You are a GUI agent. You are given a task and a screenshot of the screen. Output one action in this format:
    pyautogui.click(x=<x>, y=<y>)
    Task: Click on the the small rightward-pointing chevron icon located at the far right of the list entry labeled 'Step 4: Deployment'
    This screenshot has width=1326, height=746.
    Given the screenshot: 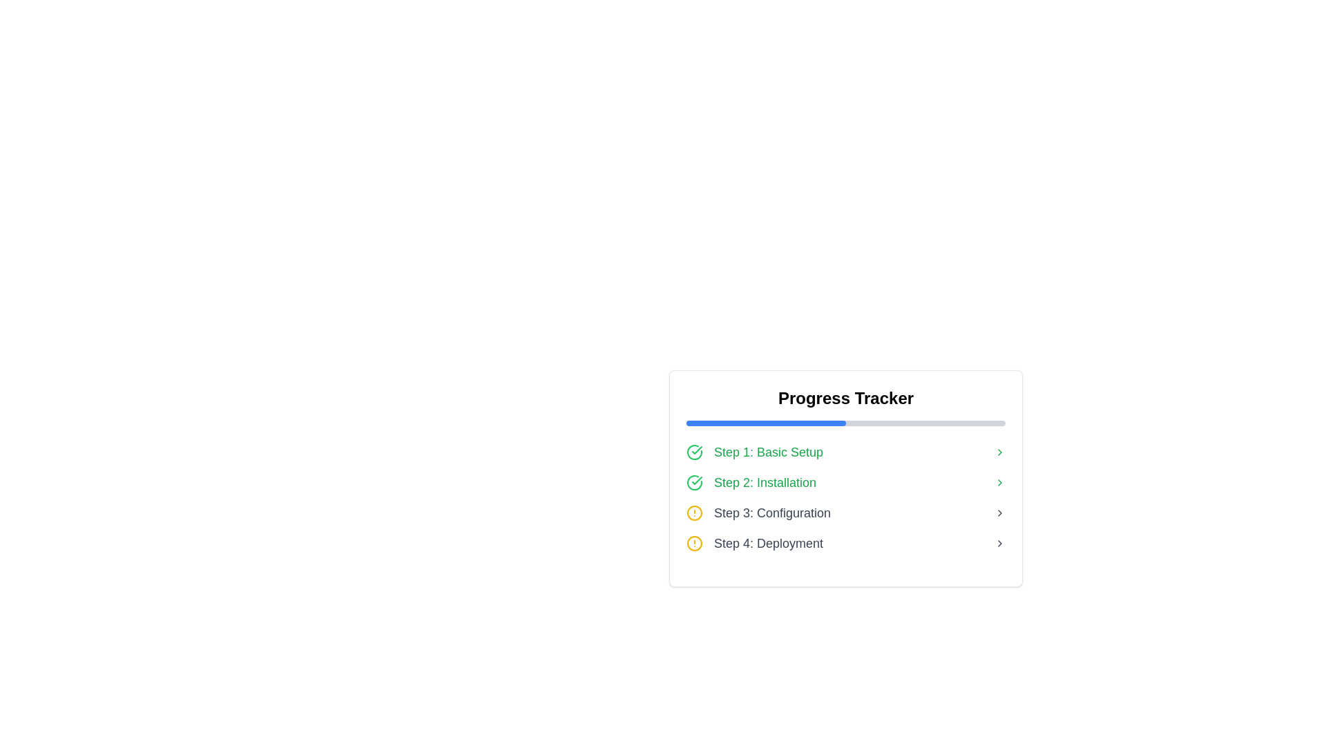 What is the action you would take?
    pyautogui.click(x=1000, y=542)
    